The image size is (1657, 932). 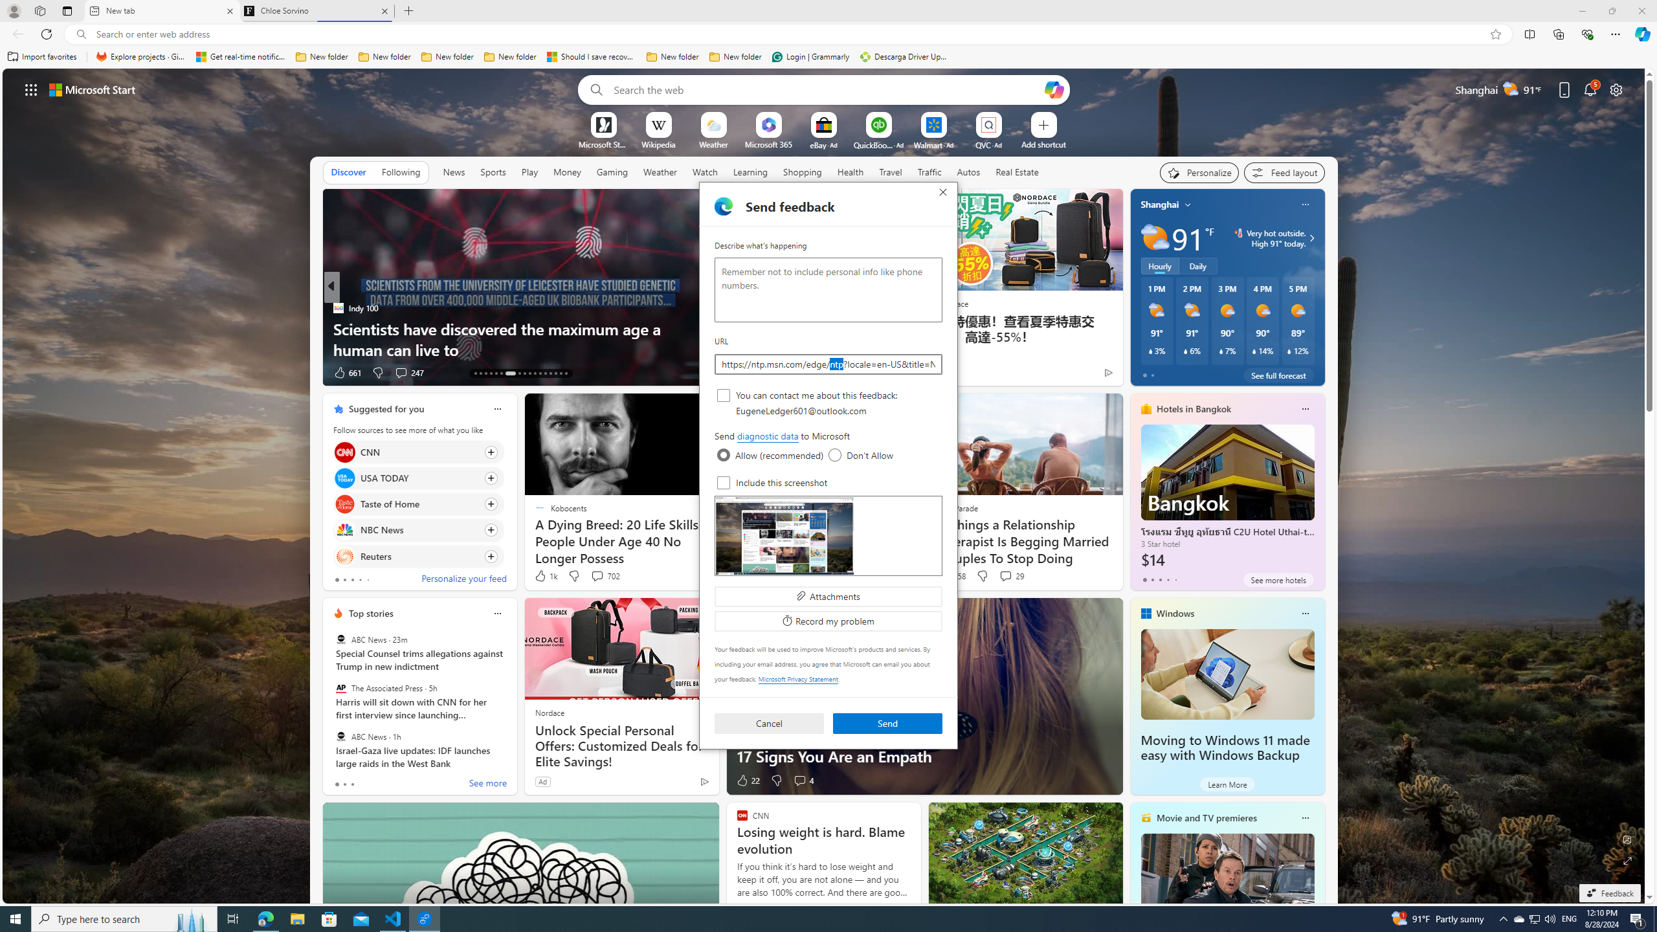 What do you see at coordinates (929, 171) in the screenshot?
I see `'Traffic'` at bounding box center [929, 171].